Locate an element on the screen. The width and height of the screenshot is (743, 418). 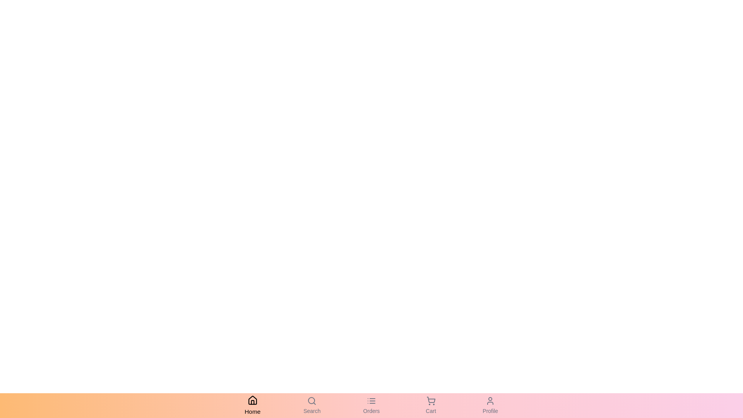
the Home tab by clicking on it is located at coordinates (252, 405).